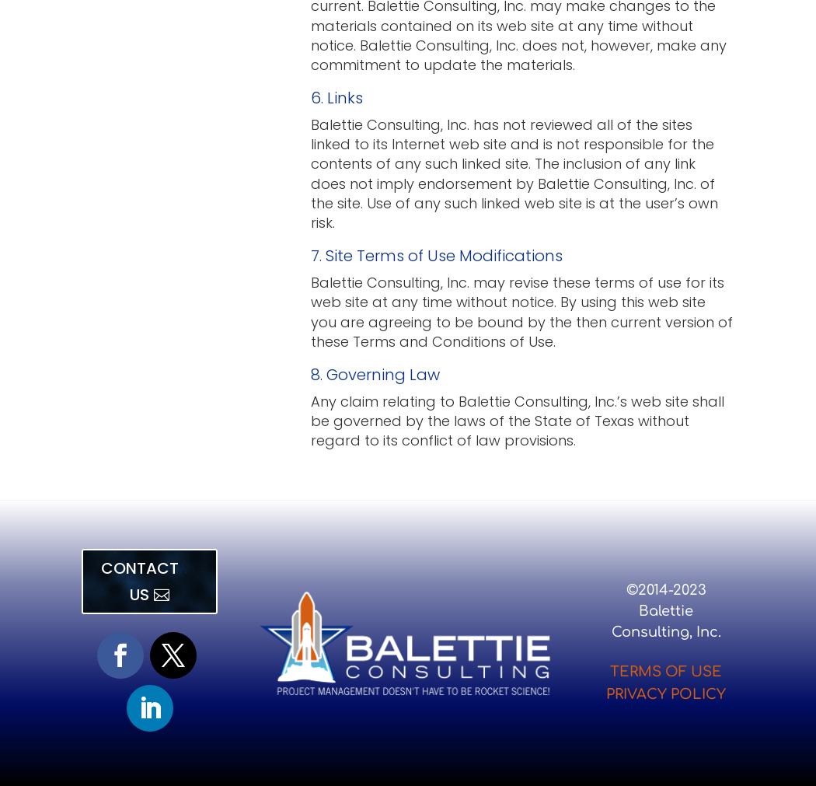 The height and width of the screenshot is (786, 816). I want to click on 'TERMS OF USE', so click(666, 672).